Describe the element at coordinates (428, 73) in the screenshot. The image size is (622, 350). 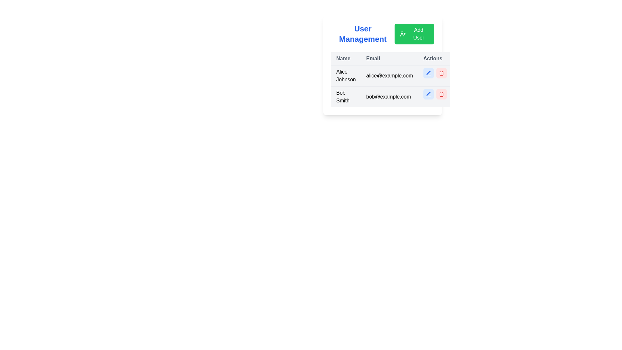
I see `the first icon button in the 'Actions' column of the second row in the user table` at that location.